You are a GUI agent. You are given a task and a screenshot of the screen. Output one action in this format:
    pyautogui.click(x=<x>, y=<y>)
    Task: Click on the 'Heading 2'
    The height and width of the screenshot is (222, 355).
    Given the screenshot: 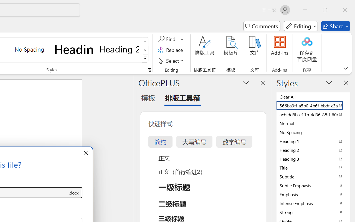 What is the action you would take?
    pyautogui.click(x=119, y=49)
    